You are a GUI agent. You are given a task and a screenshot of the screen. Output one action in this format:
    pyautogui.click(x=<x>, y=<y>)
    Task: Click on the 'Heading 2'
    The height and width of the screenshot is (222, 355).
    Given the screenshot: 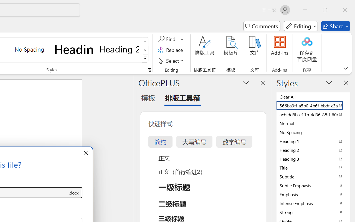 What is the action you would take?
    pyautogui.click(x=119, y=49)
    